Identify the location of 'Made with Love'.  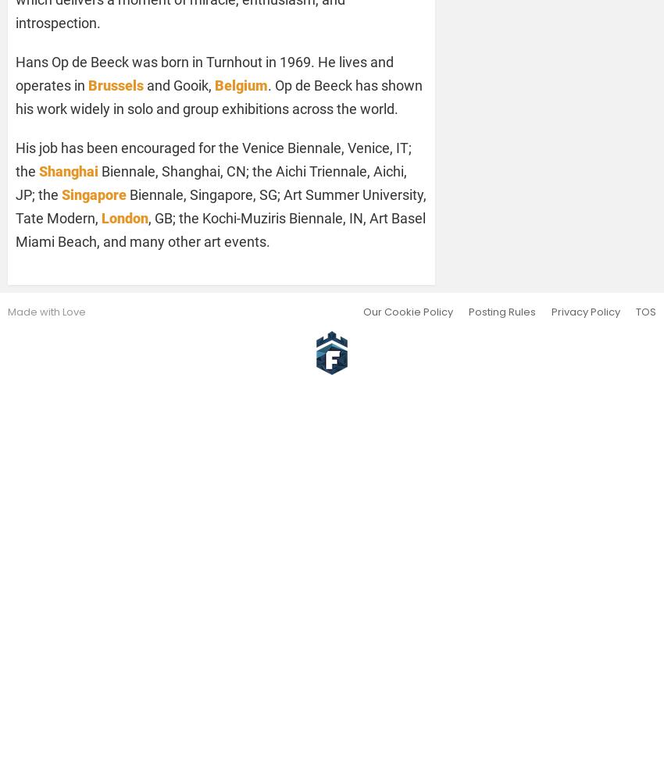
(7, 311).